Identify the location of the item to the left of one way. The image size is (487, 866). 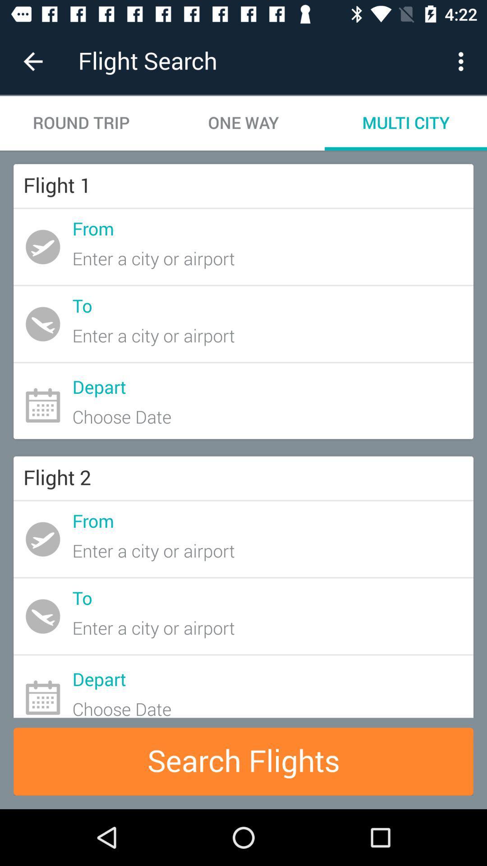
(81, 123).